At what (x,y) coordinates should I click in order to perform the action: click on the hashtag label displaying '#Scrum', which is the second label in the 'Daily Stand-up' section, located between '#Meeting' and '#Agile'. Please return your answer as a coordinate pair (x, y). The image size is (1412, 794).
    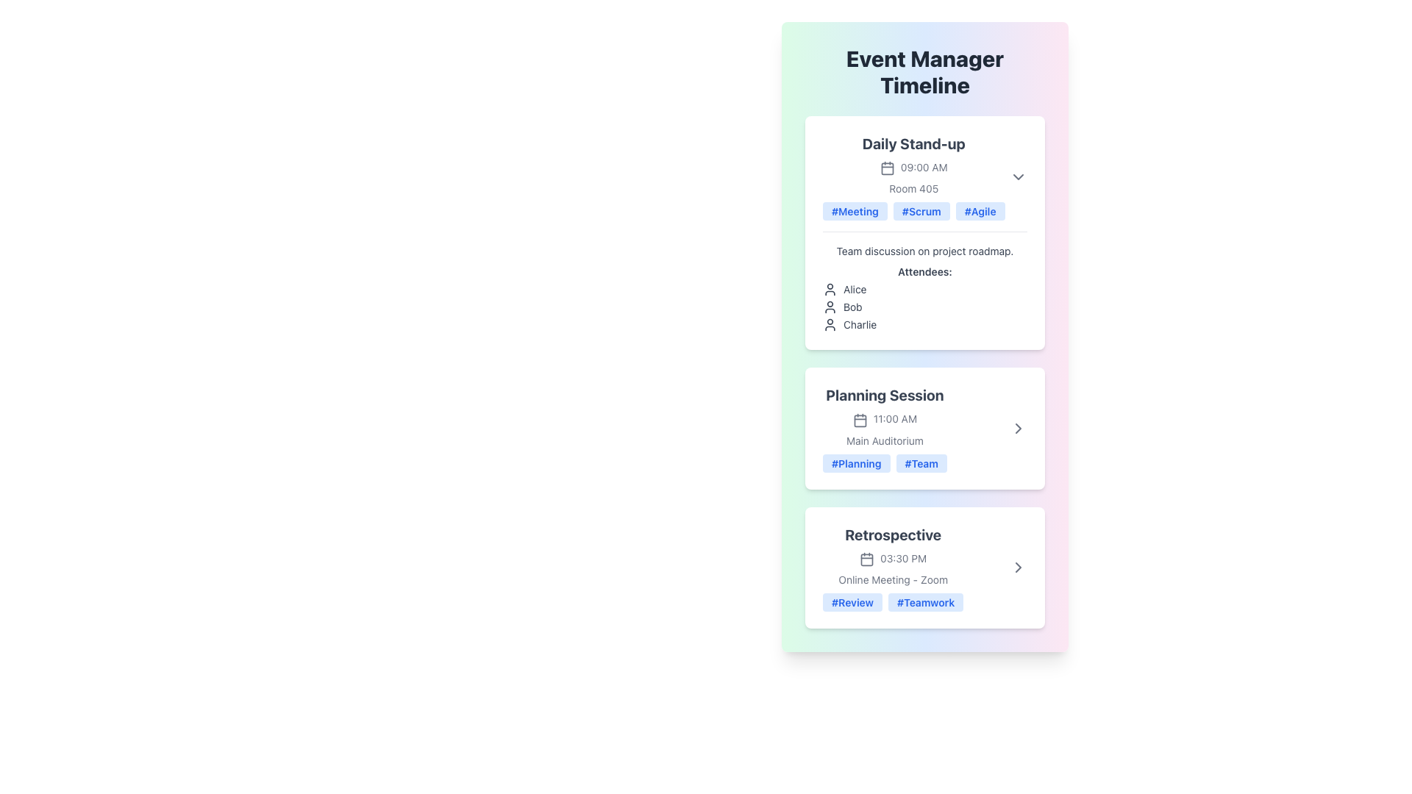
    Looking at the image, I should click on (921, 211).